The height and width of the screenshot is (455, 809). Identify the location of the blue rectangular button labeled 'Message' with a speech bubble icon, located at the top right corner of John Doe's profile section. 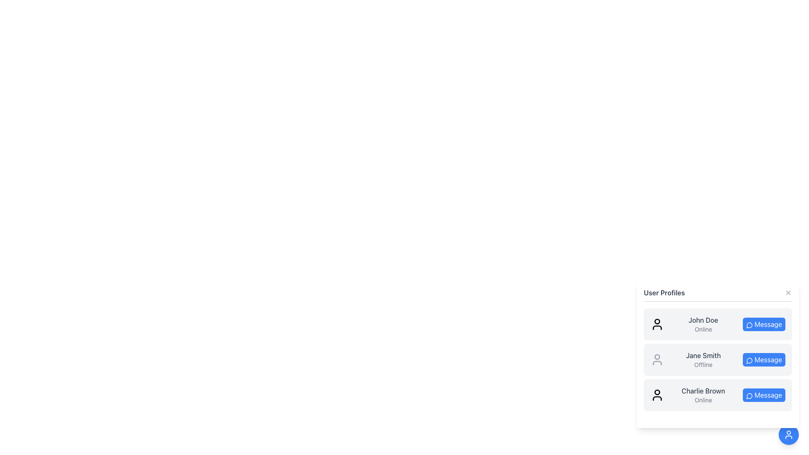
(764, 324).